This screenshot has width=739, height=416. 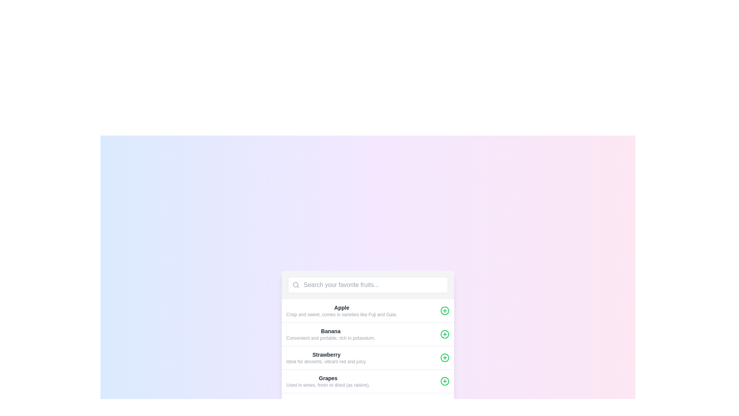 I want to click on text label displaying 'Apple' in bold font and black color, which is positioned above a subtext in a list item, so click(x=341, y=307).